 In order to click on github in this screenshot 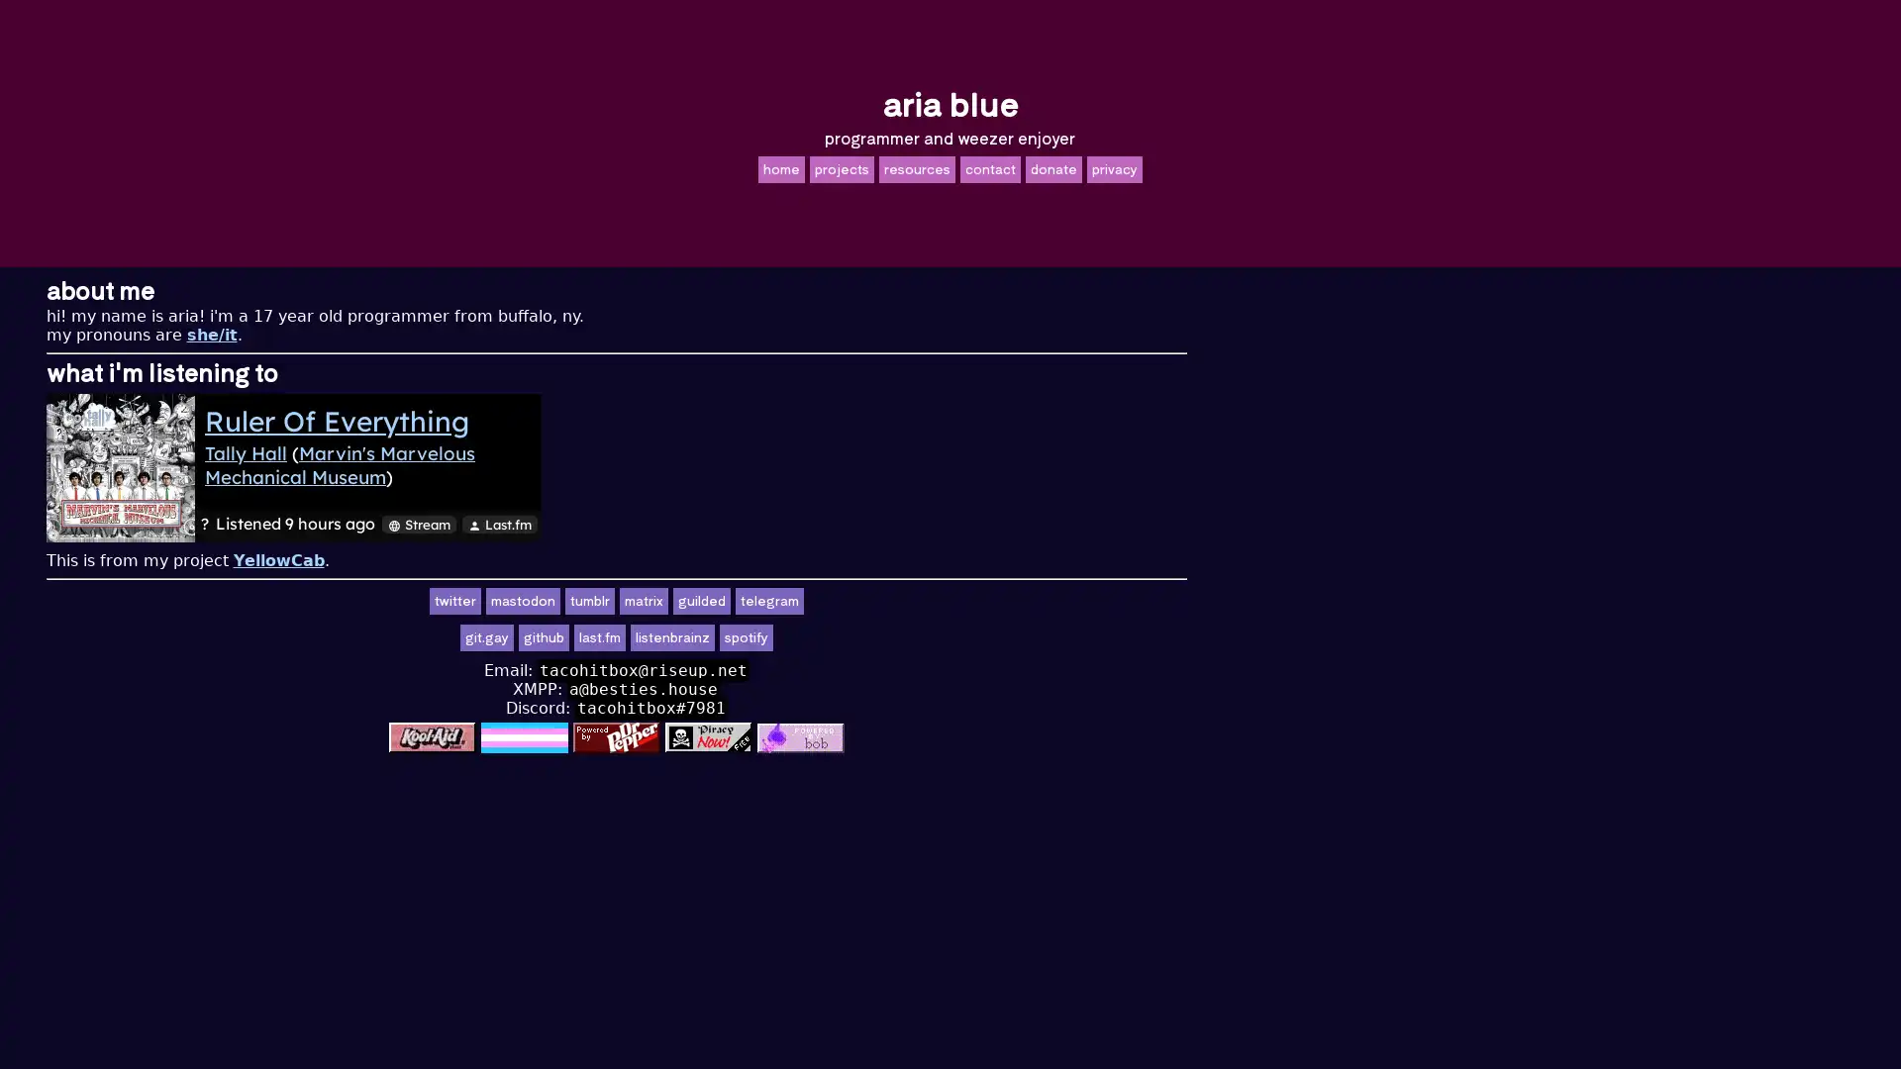, I will do `click(876, 637)`.